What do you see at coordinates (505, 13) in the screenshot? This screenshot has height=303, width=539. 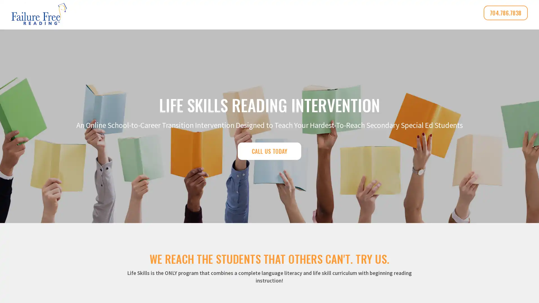 I see `704.786.7838` at bounding box center [505, 13].